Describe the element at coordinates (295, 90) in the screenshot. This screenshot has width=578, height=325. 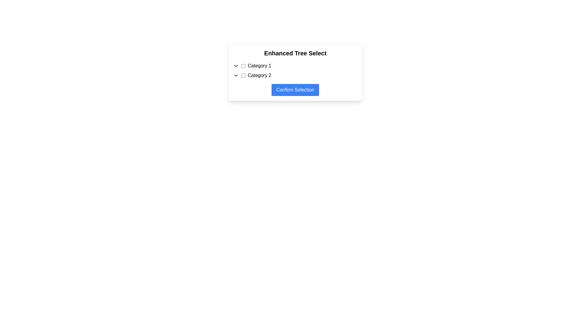
I see `the confirm button that is centrally located beneath the 'Category 1' and 'Category 2' options to observe the hover effect` at that location.